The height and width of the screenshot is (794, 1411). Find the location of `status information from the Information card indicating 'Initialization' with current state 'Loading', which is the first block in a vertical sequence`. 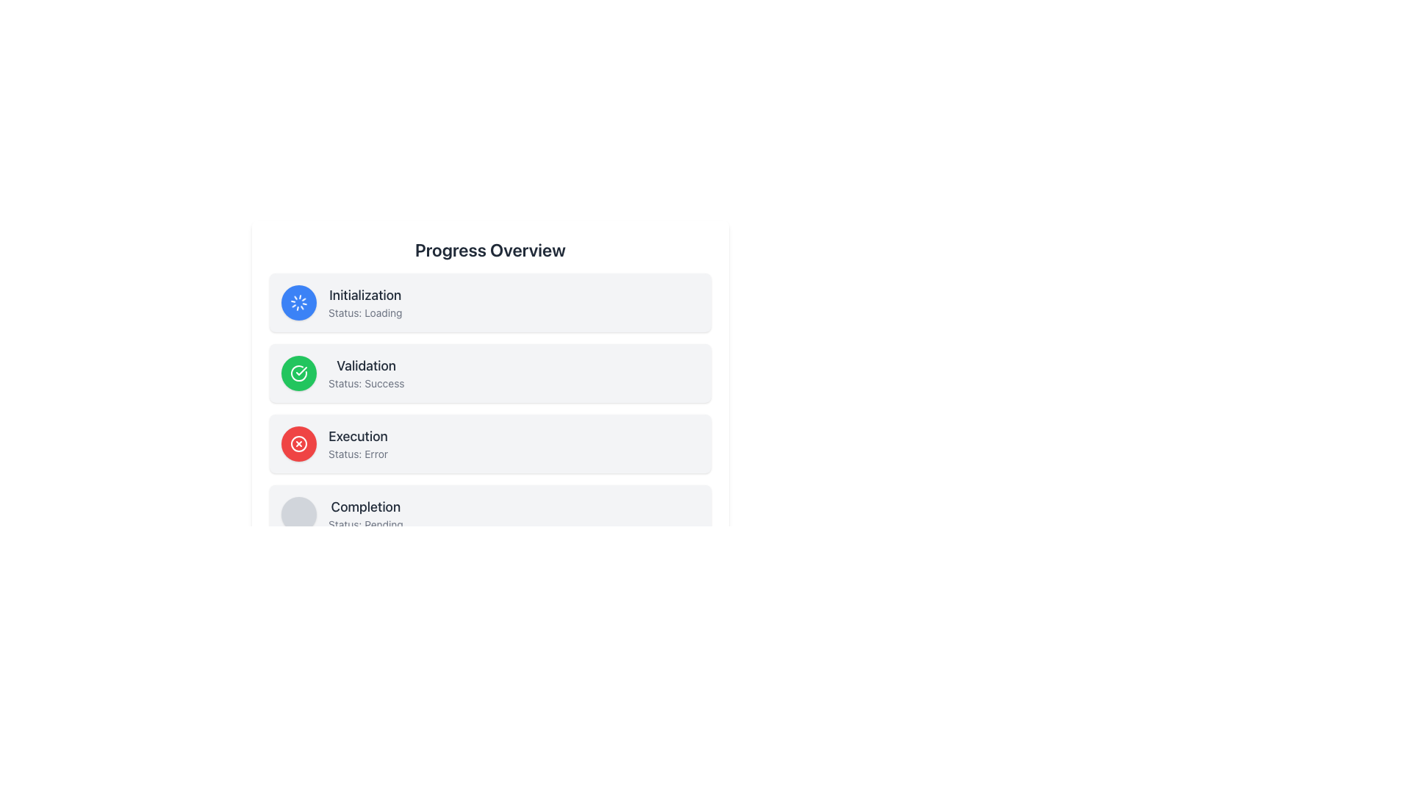

status information from the Information card indicating 'Initialization' with current state 'Loading', which is the first block in a vertical sequence is located at coordinates (341, 302).